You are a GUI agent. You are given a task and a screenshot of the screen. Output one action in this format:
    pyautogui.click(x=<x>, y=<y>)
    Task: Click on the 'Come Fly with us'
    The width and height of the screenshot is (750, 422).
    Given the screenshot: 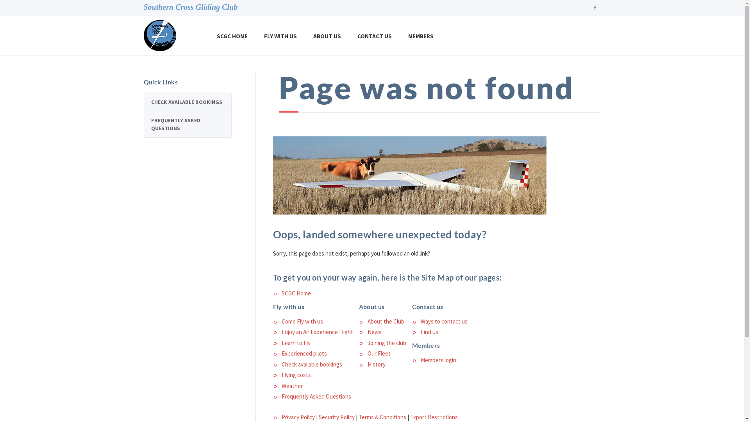 What is the action you would take?
    pyautogui.click(x=301, y=321)
    